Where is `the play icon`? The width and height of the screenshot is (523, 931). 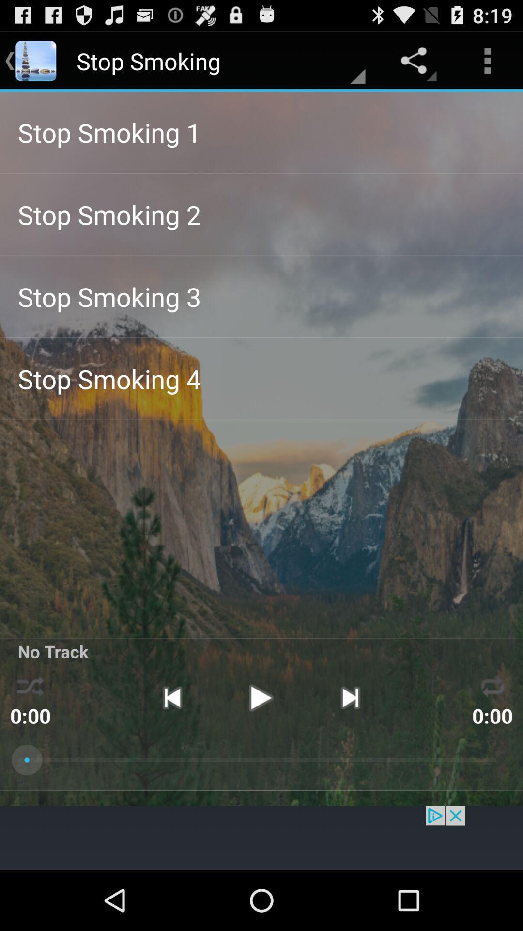
the play icon is located at coordinates (261, 746).